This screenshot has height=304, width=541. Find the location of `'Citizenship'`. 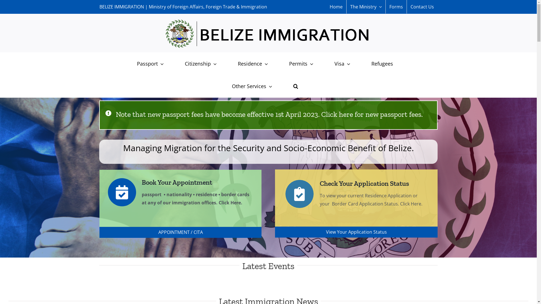

'Citizenship' is located at coordinates (200, 63).